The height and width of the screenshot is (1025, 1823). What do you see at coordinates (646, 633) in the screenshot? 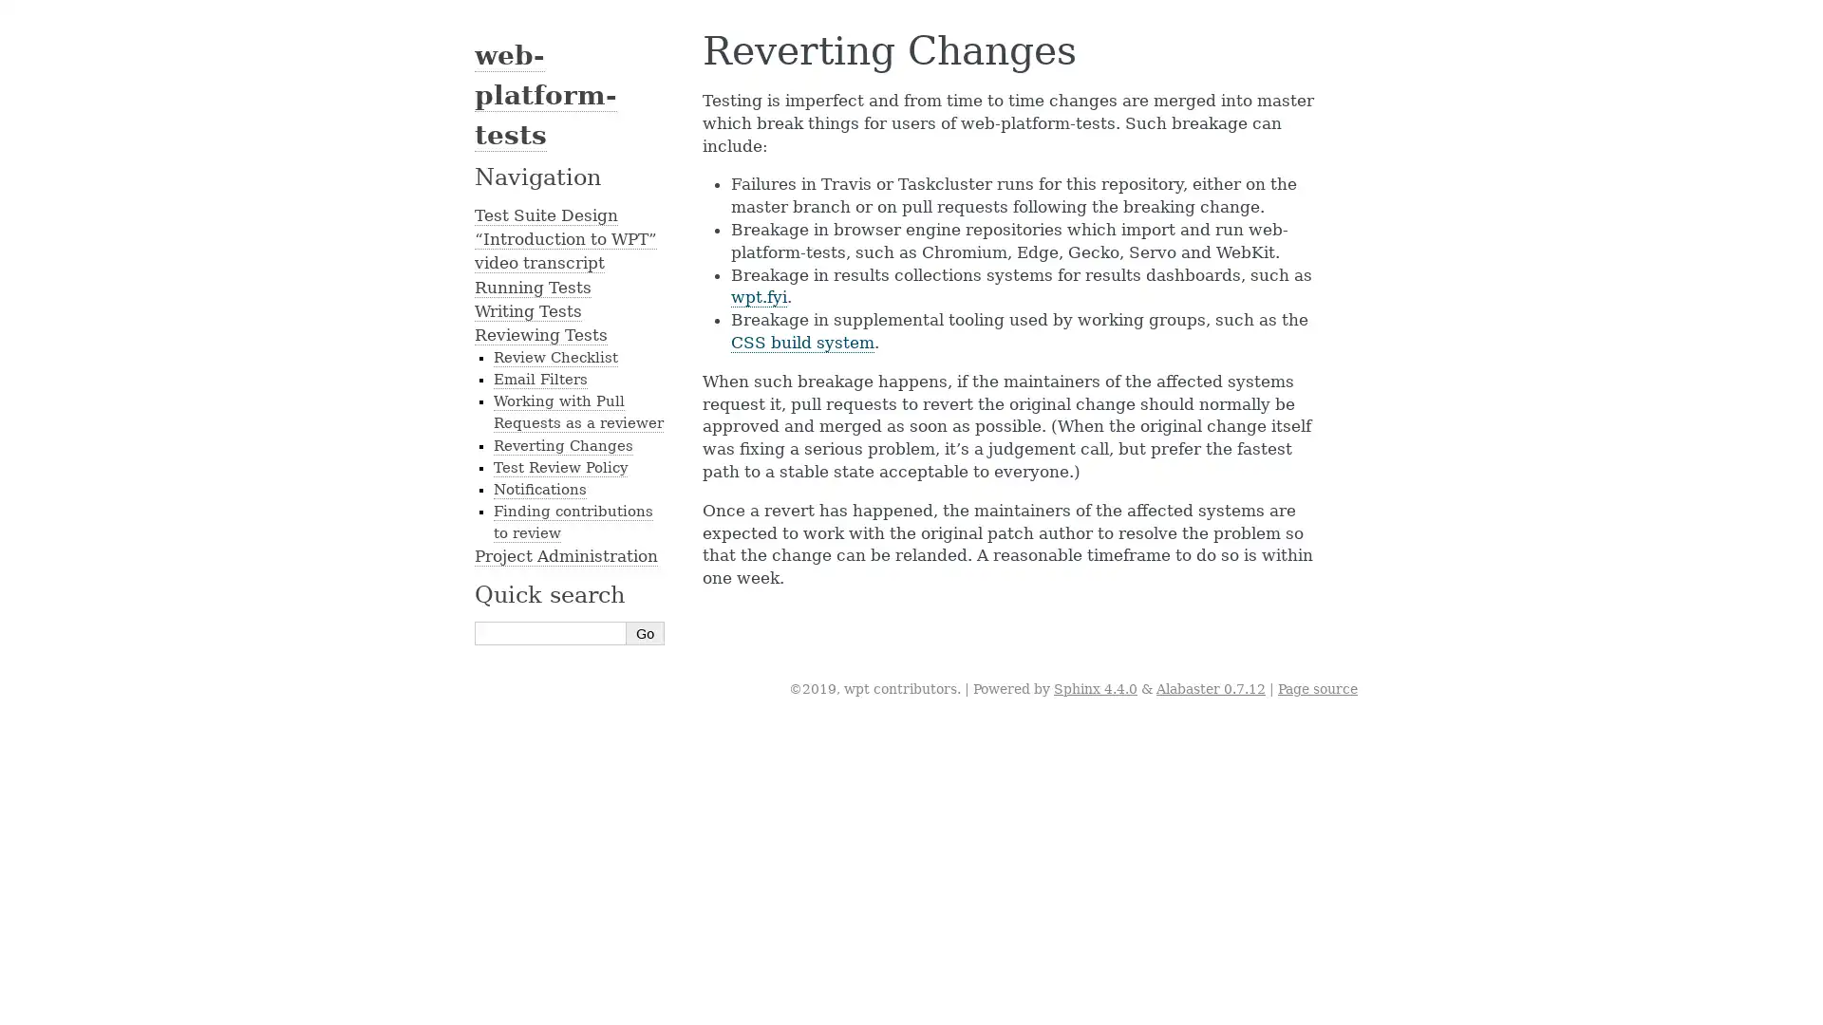
I see `Go` at bounding box center [646, 633].